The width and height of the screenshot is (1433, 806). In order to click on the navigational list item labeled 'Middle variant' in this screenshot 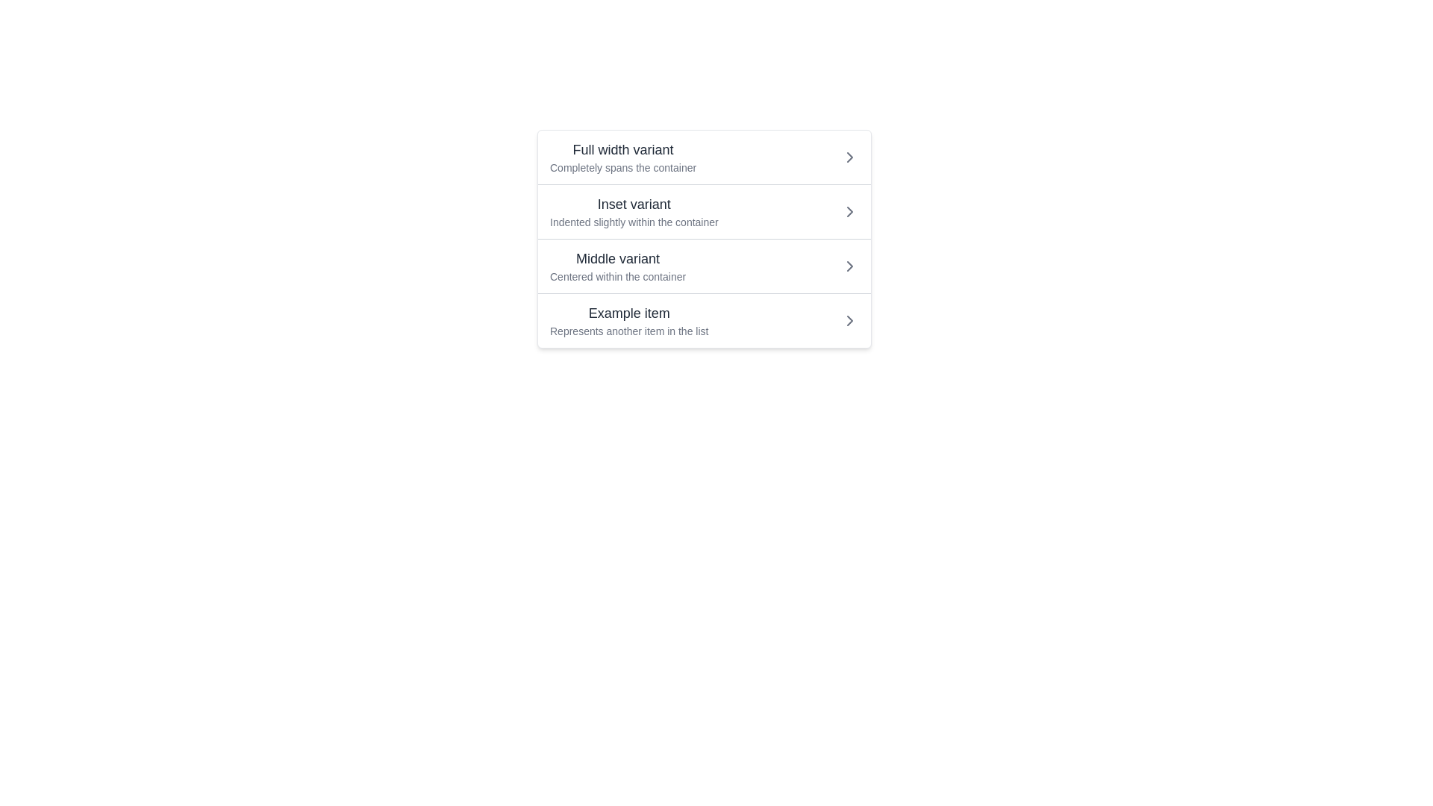, I will do `click(704, 265)`.